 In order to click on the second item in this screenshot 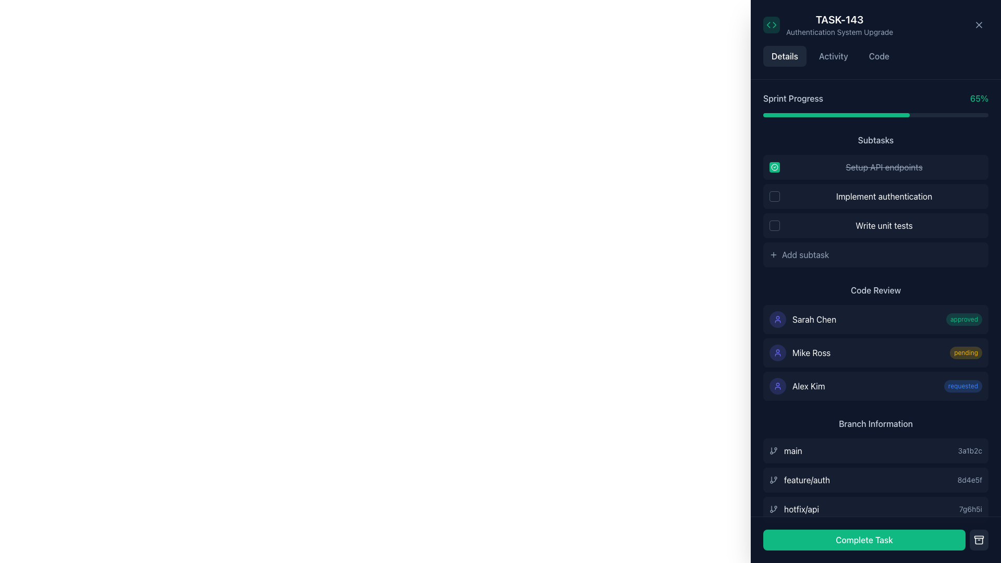, I will do `click(876, 470)`.